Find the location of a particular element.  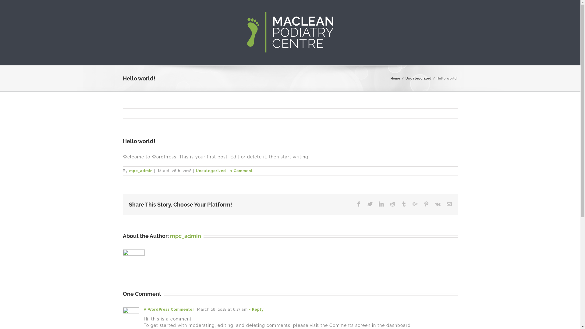

'Twitter' is located at coordinates (367, 204).